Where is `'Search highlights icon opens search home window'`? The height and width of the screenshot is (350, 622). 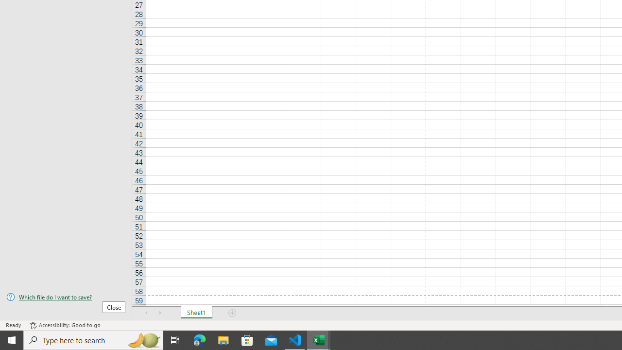 'Search highlights icon opens search home window' is located at coordinates (143, 339).